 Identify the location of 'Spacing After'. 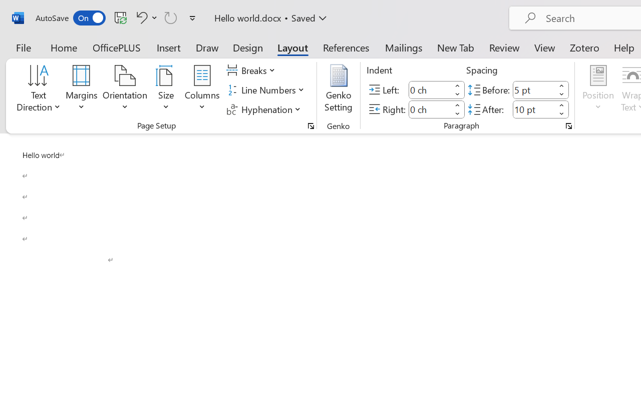
(533, 109).